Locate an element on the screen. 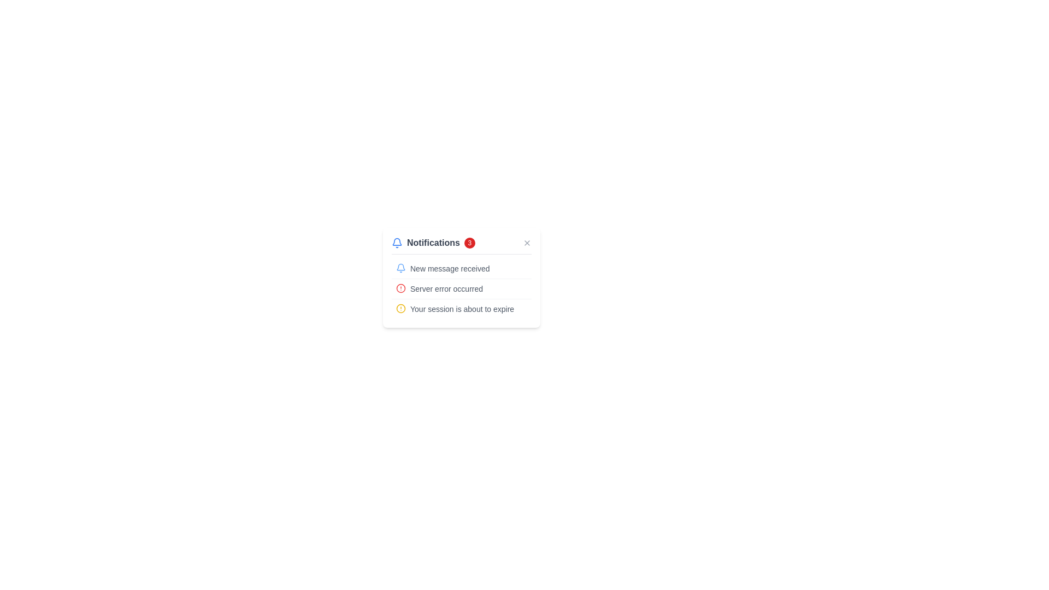 Image resolution: width=1049 pixels, height=590 pixels. the bell icon by clicking on the notifications title header which indicates the current state or number of unread notifications is located at coordinates (433, 242).